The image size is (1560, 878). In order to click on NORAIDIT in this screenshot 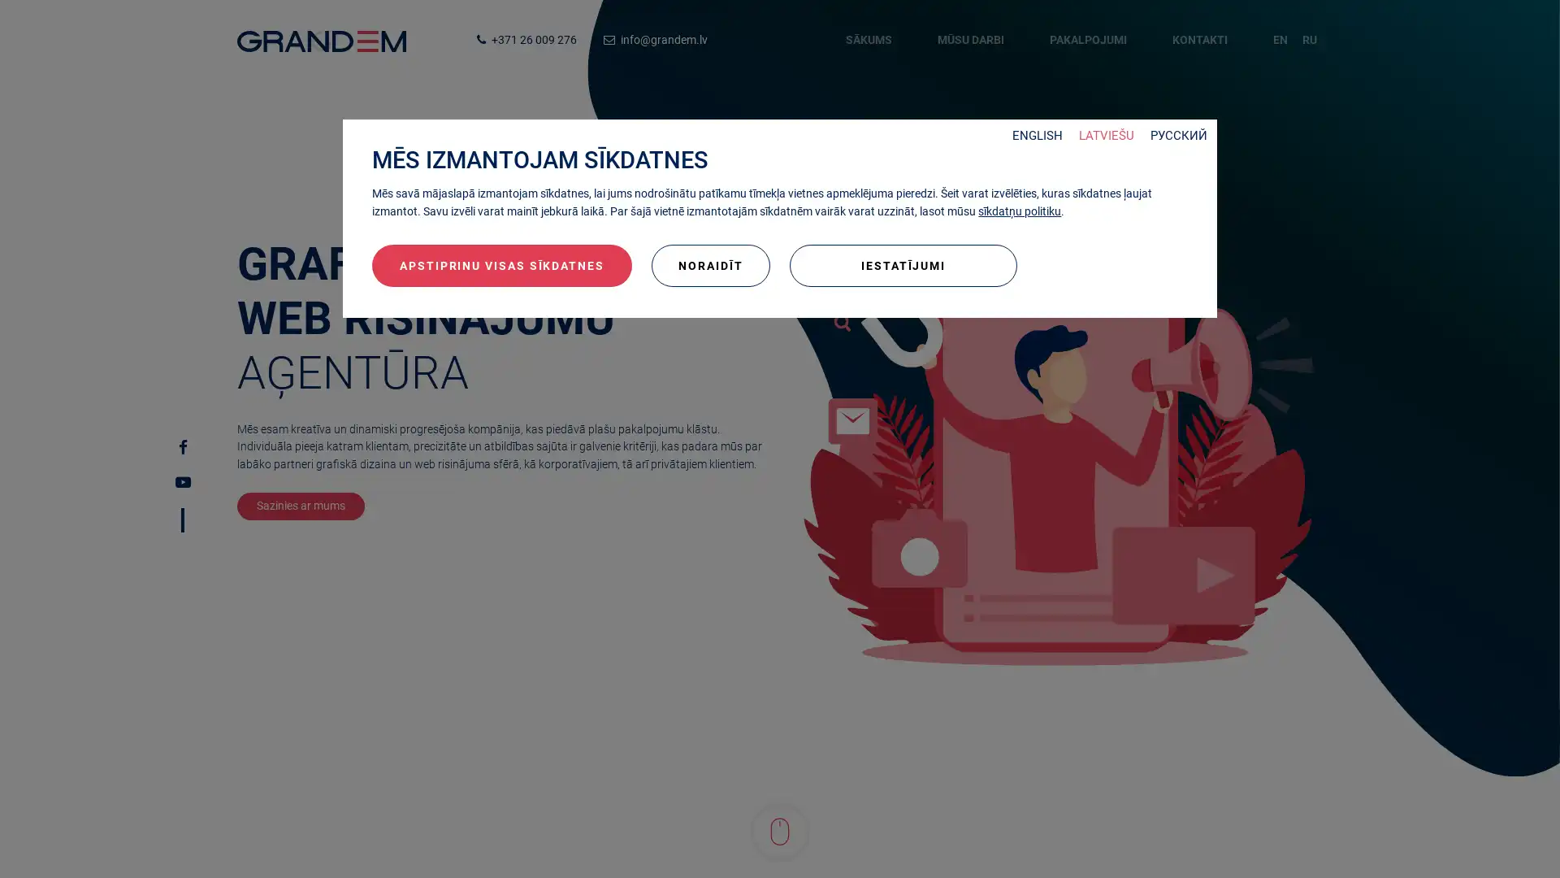, I will do `click(710, 265)`.